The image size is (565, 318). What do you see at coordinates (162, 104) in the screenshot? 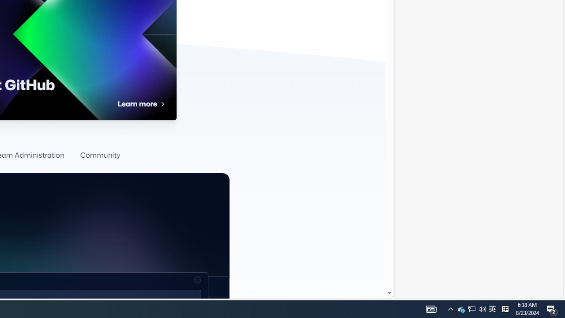
I see `'Class: octicon arrow-symbol-mktg octicon'` at bounding box center [162, 104].